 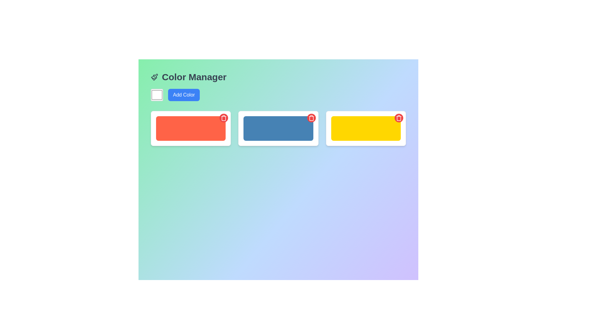 What do you see at coordinates (278, 128) in the screenshot?
I see `the blue color representation box, which is the second item in a row of three grid-based blocks` at bounding box center [278, 128].